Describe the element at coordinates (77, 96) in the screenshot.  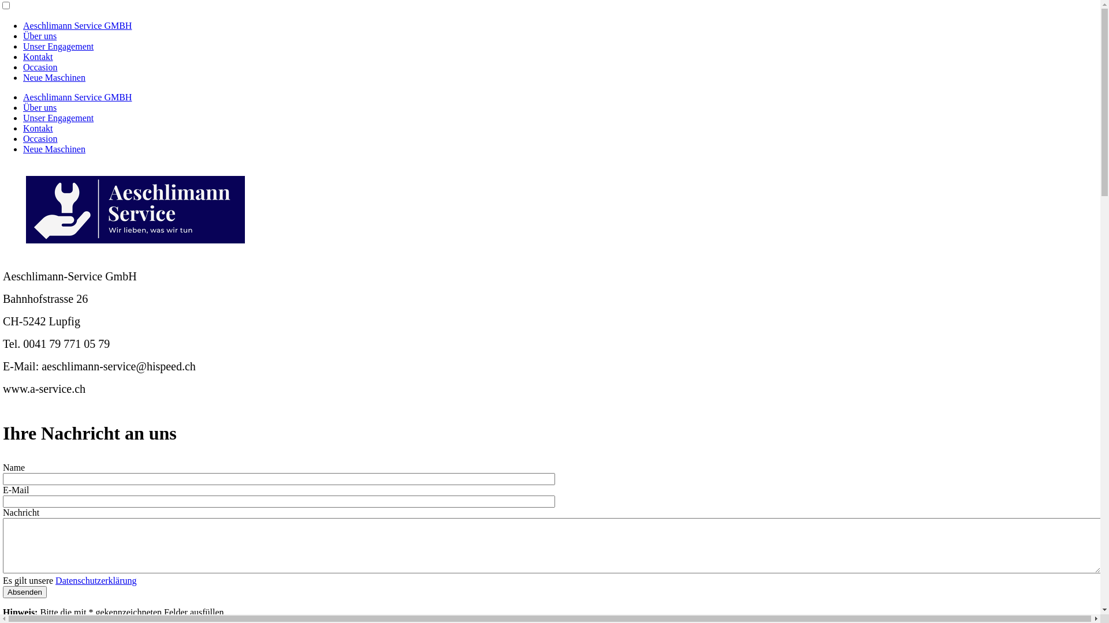
I see `'Aeschlimann Service GMBH'` at that location.